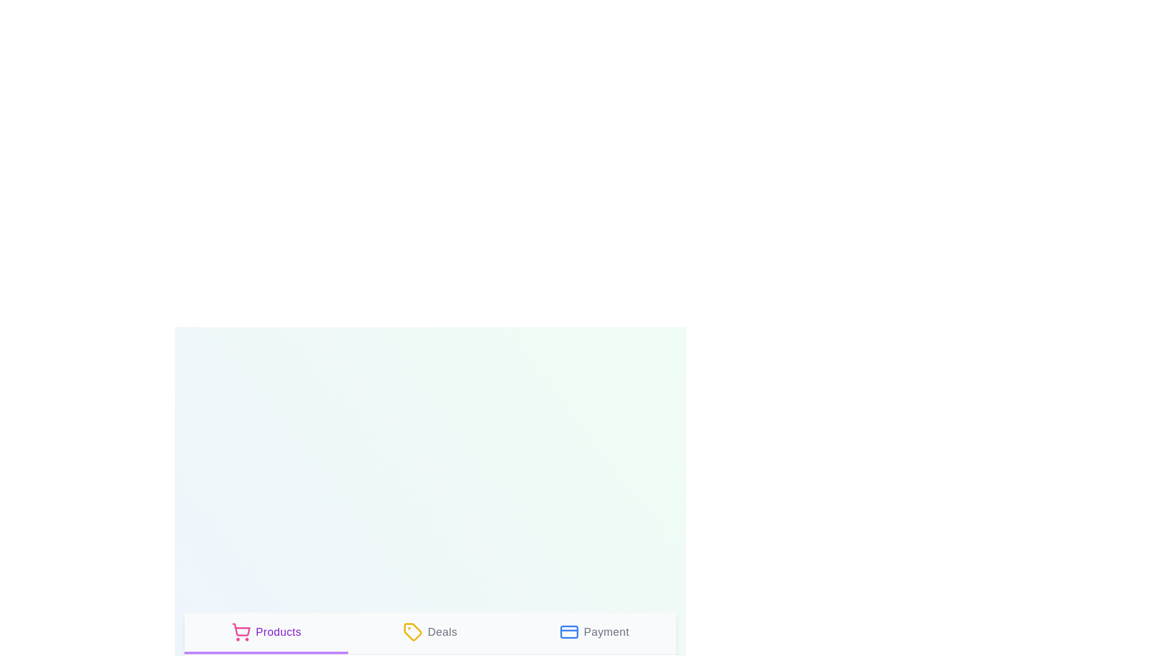 Image resolution: width=1173 pixels, height=659 pixels. I want to click on the tab labeled Products to view its description, so click(266, 632).